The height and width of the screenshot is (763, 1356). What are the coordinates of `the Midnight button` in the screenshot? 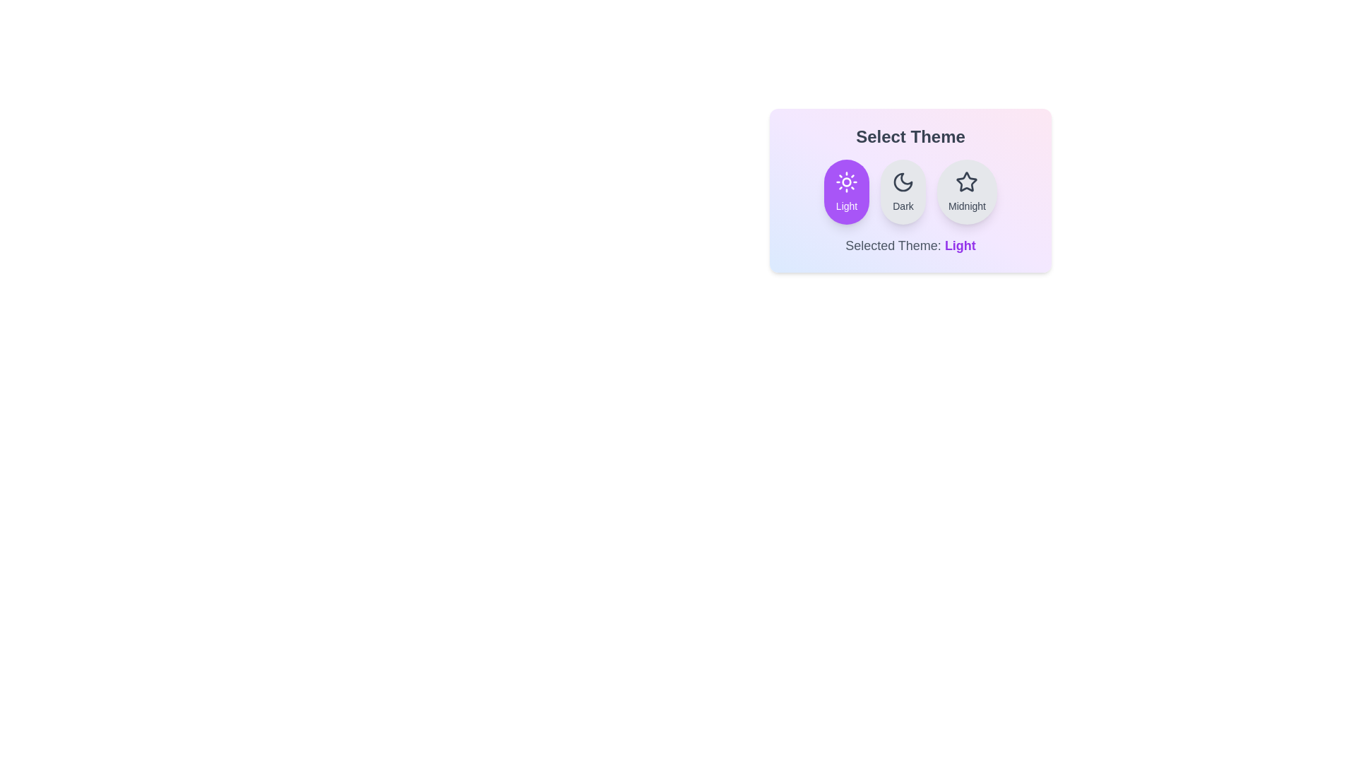 It's located at (966, 192).